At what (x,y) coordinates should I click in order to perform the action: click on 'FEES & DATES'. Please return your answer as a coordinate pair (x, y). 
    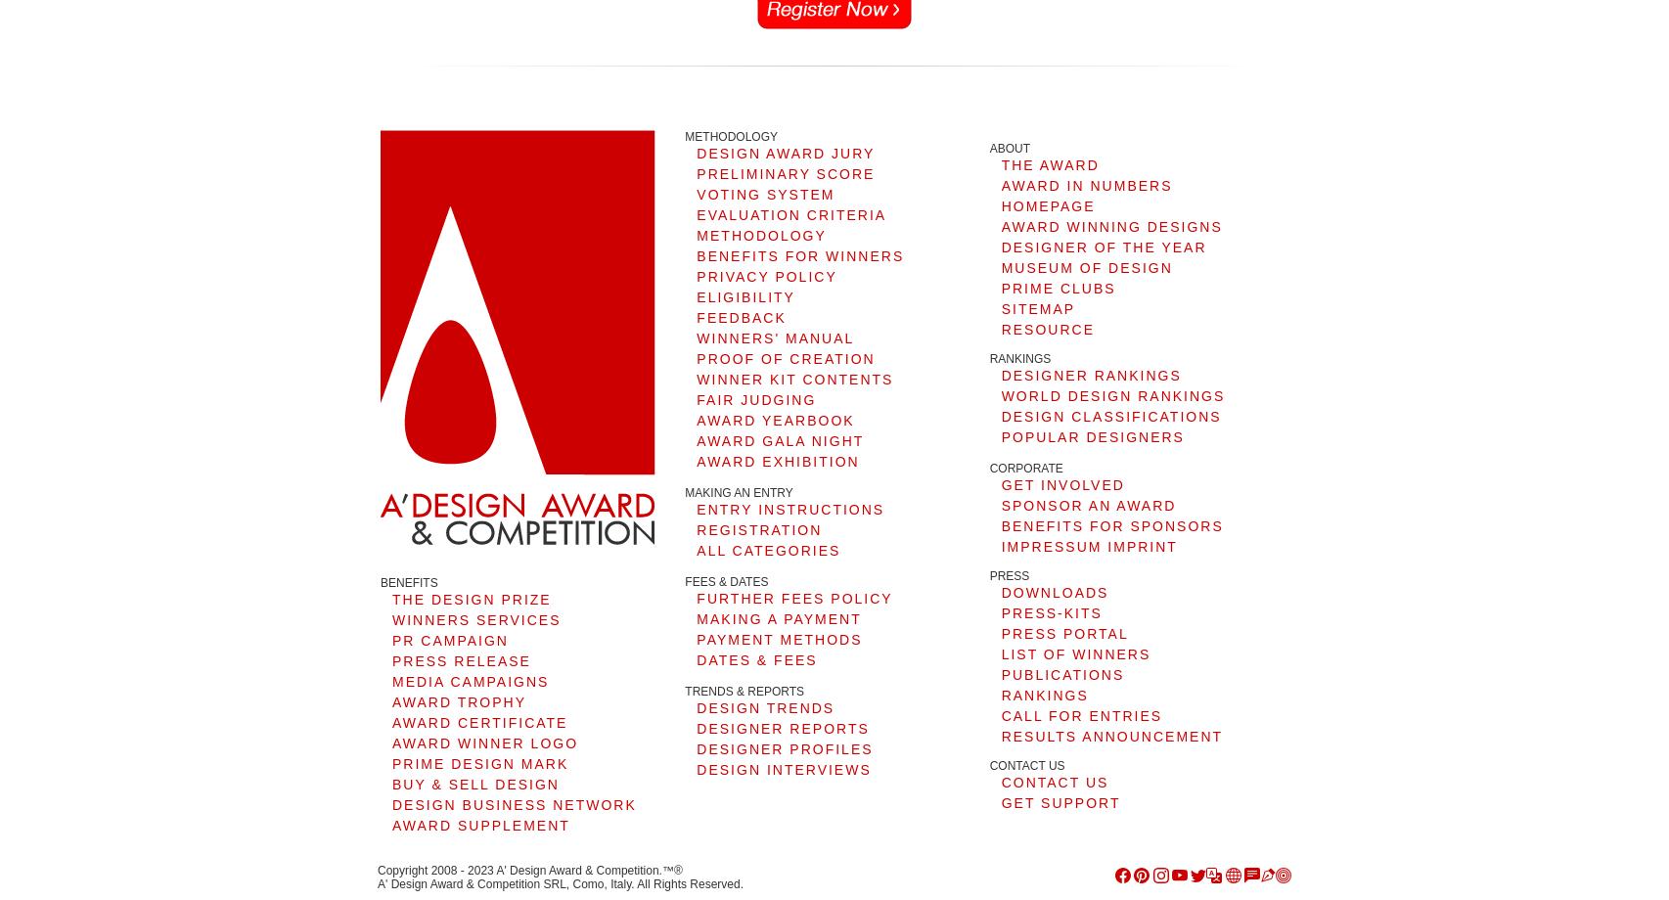
    Looking at the image, I should click on (683, 580).